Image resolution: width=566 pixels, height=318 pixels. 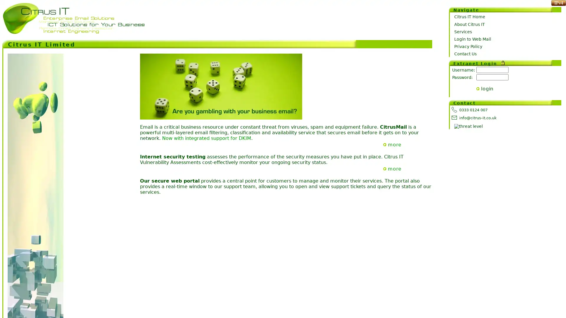 What do you see at coordinates (478, 89) in the screenshot?
I see `>` at bounding box center [478, 89].